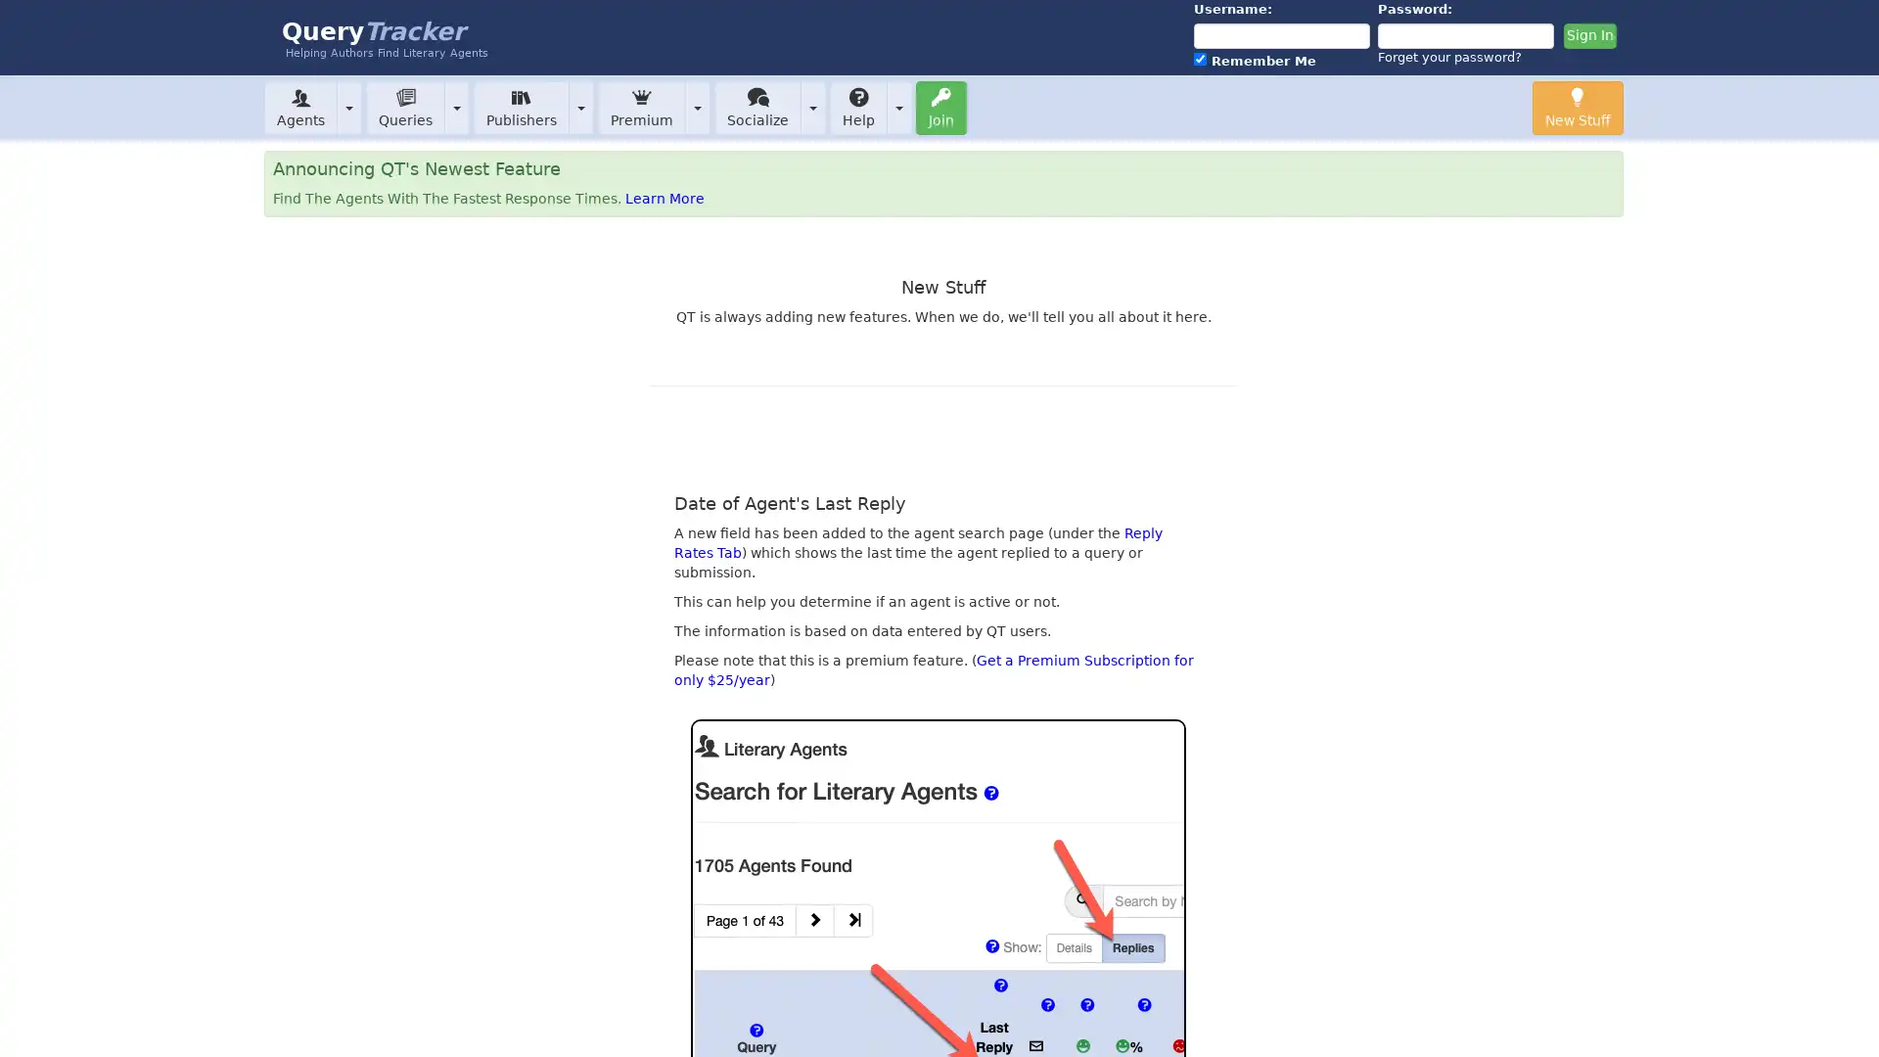 The height and width of the screenshot is (1057, 1879). I want to click on Toggle Dropdown, so click(698, 107).